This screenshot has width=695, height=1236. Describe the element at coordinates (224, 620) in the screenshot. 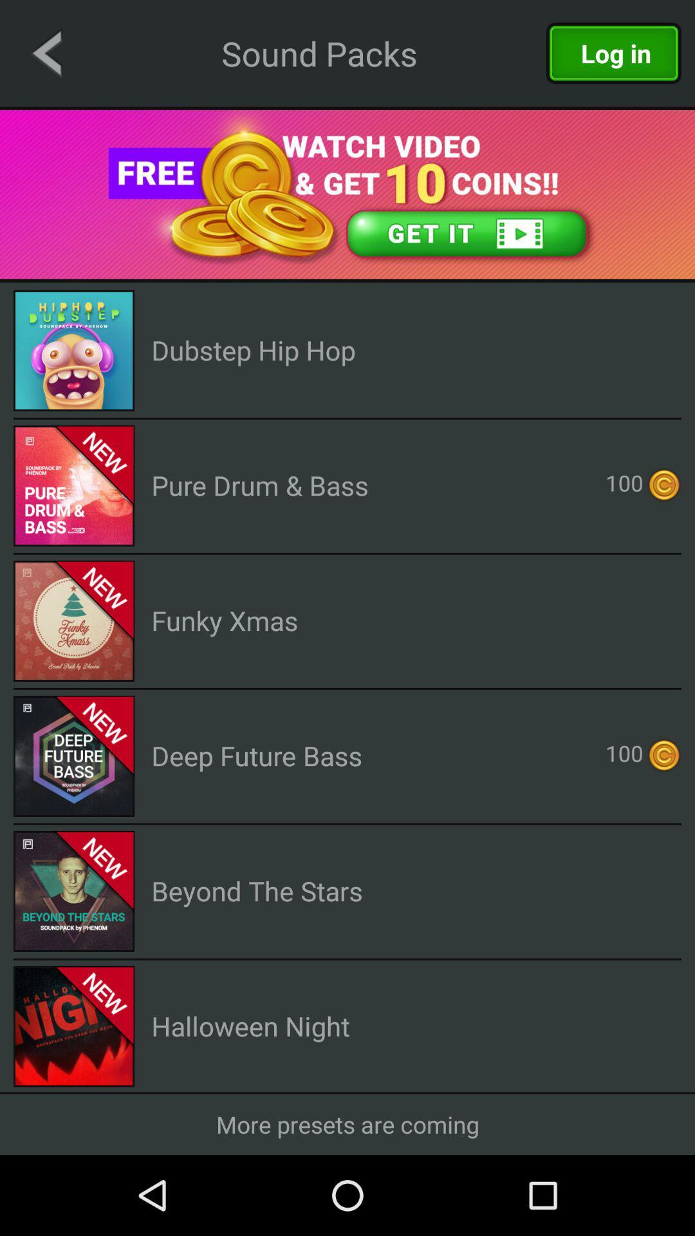

I see `the funky xmas` at that location.